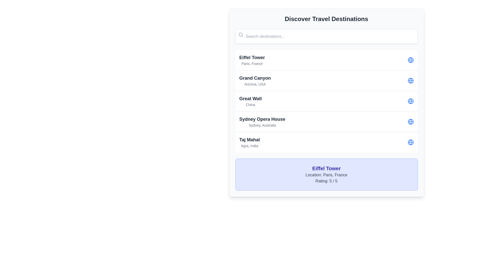 The height and width of the screenshot is (274, 488). What do you see at coordinates (262, 122) in the screenshot?
I see `displayed text information about the Sydney Opera House, located in the fourth row of the travel destinations list, between 'Great Wall' and 'Taj Mahal'` at bounding box center [262, 122].